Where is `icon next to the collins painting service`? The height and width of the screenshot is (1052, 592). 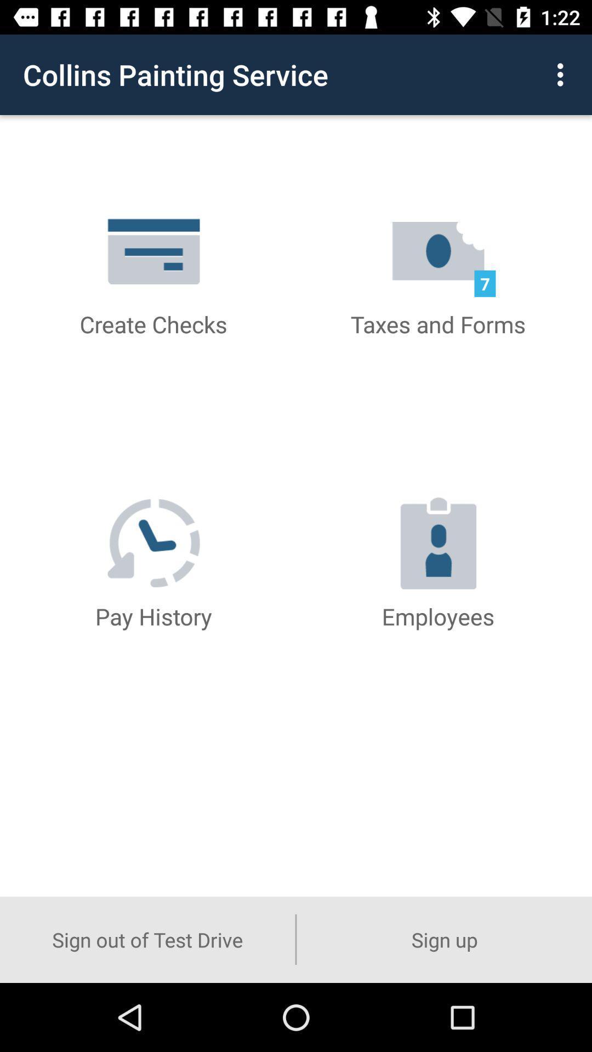 icon next to the collins painting service is located at coordinates (563, 74).